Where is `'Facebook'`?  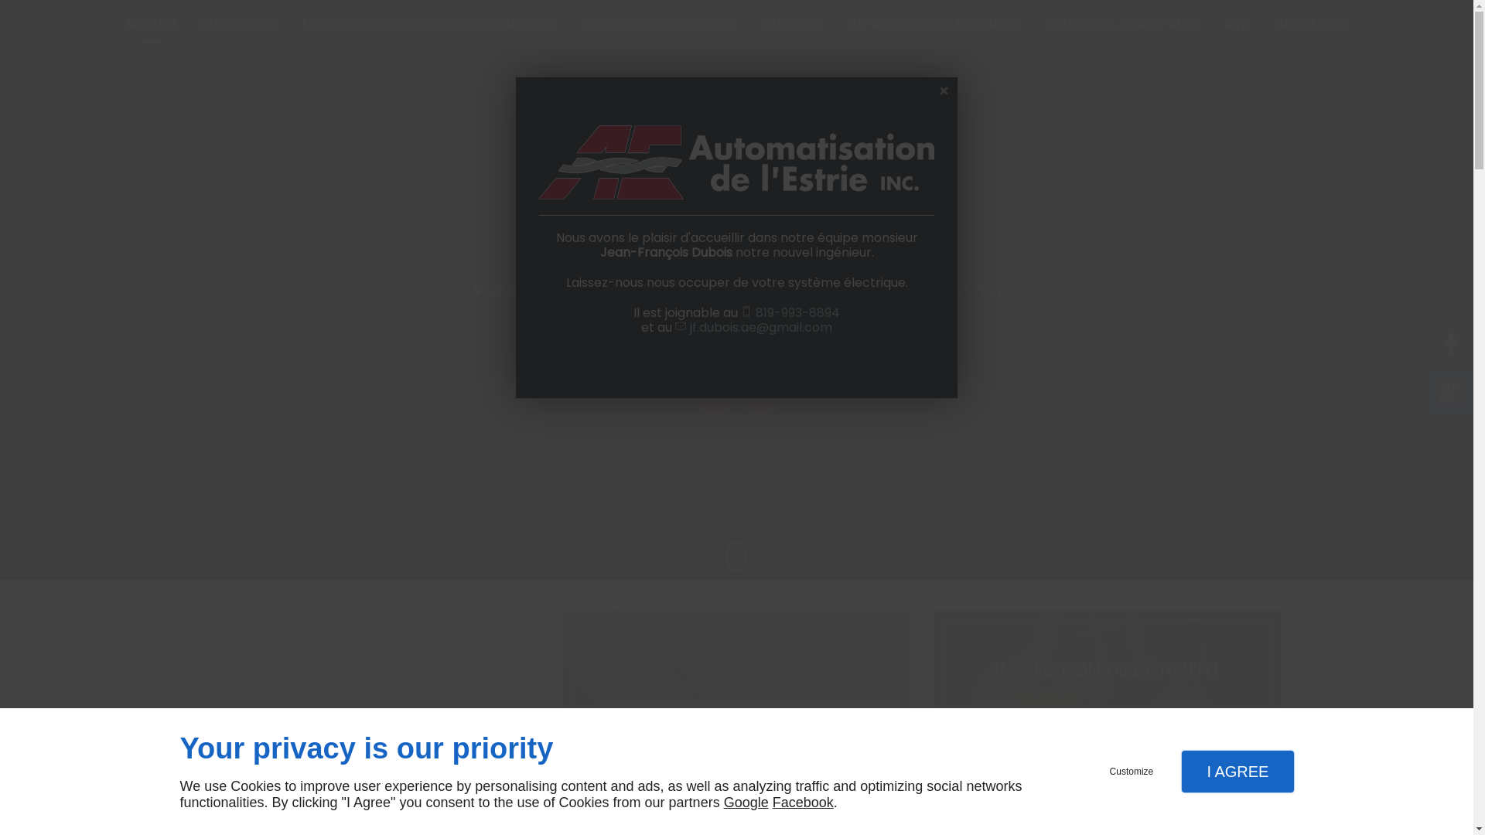
'Facebook' is located at coordinates (1450, 343).